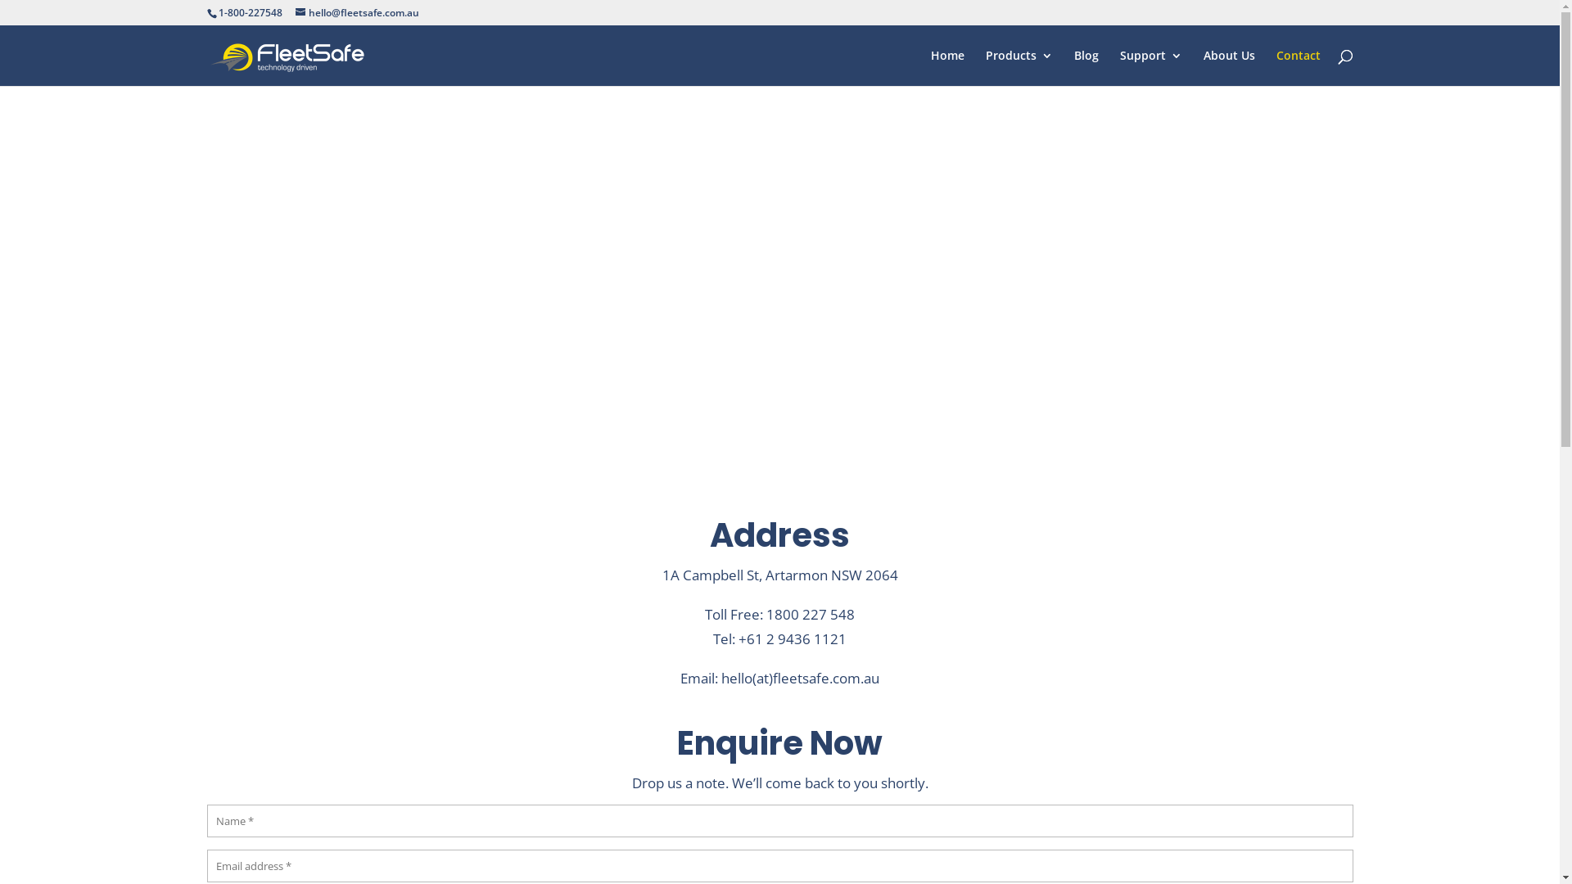 Image resolution: width=1572 pixels, height=884 pixels. What do you see at coordinates (720, 678) in the screenshot?
I see `'hello(at)fleetsafe.com.au'` at bounding box center [720, 678].